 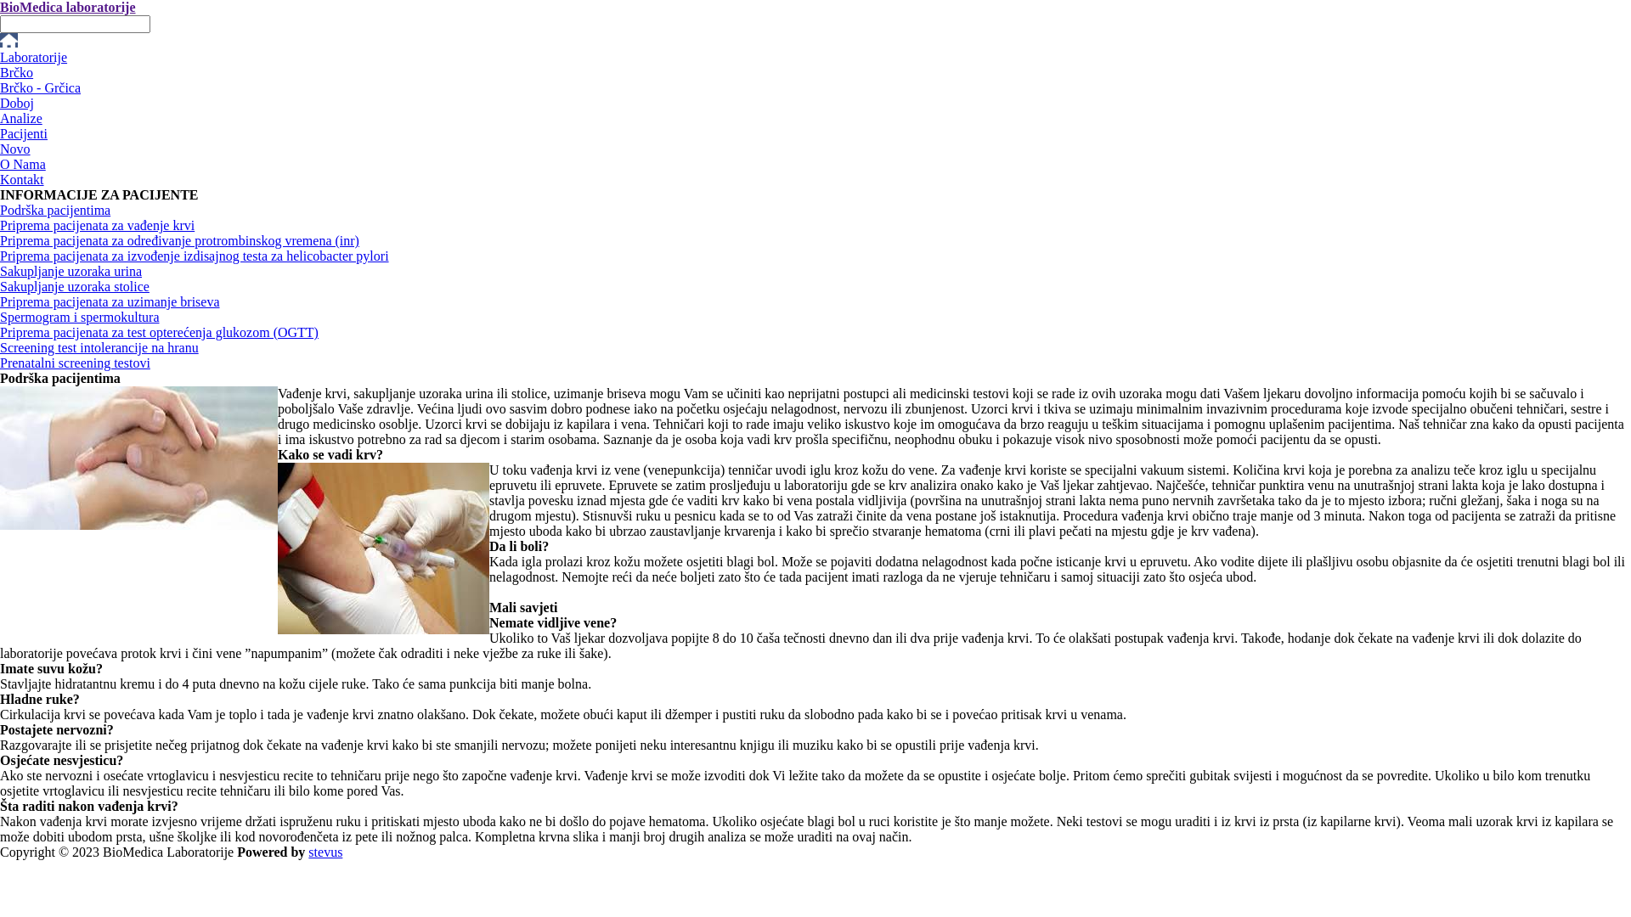 I want to click on 'BioMedica laboratorije', so click(x=68, y=7).